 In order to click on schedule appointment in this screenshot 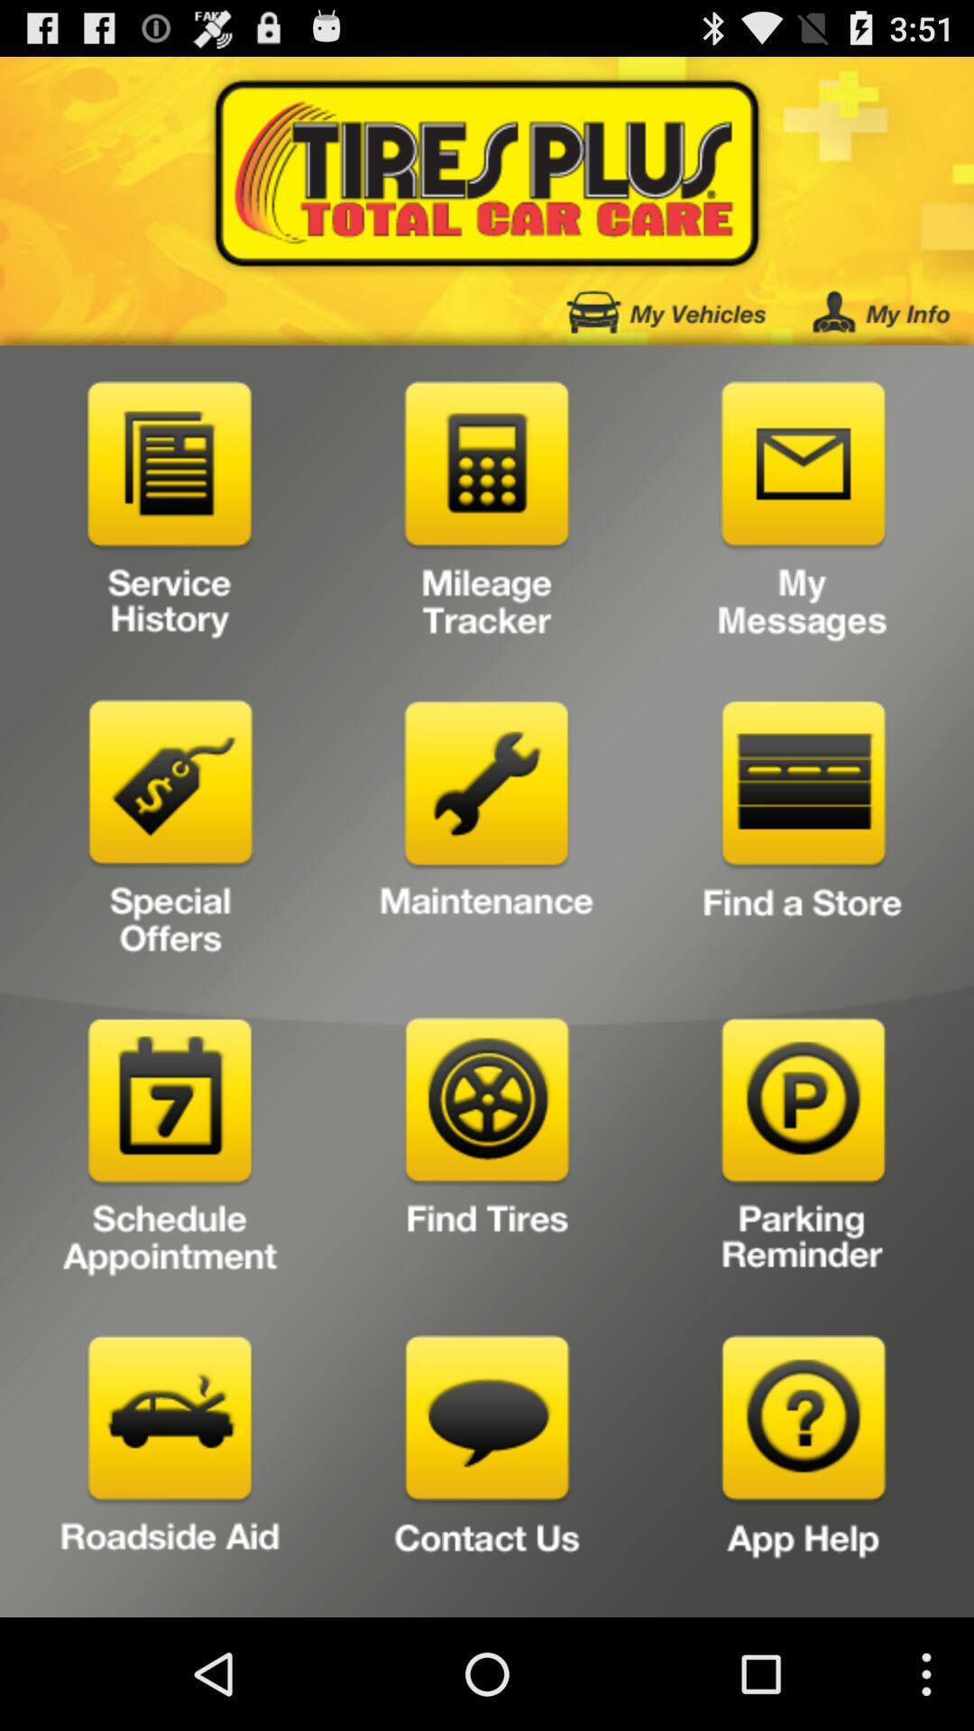, I will do `click(170, 1151)`.